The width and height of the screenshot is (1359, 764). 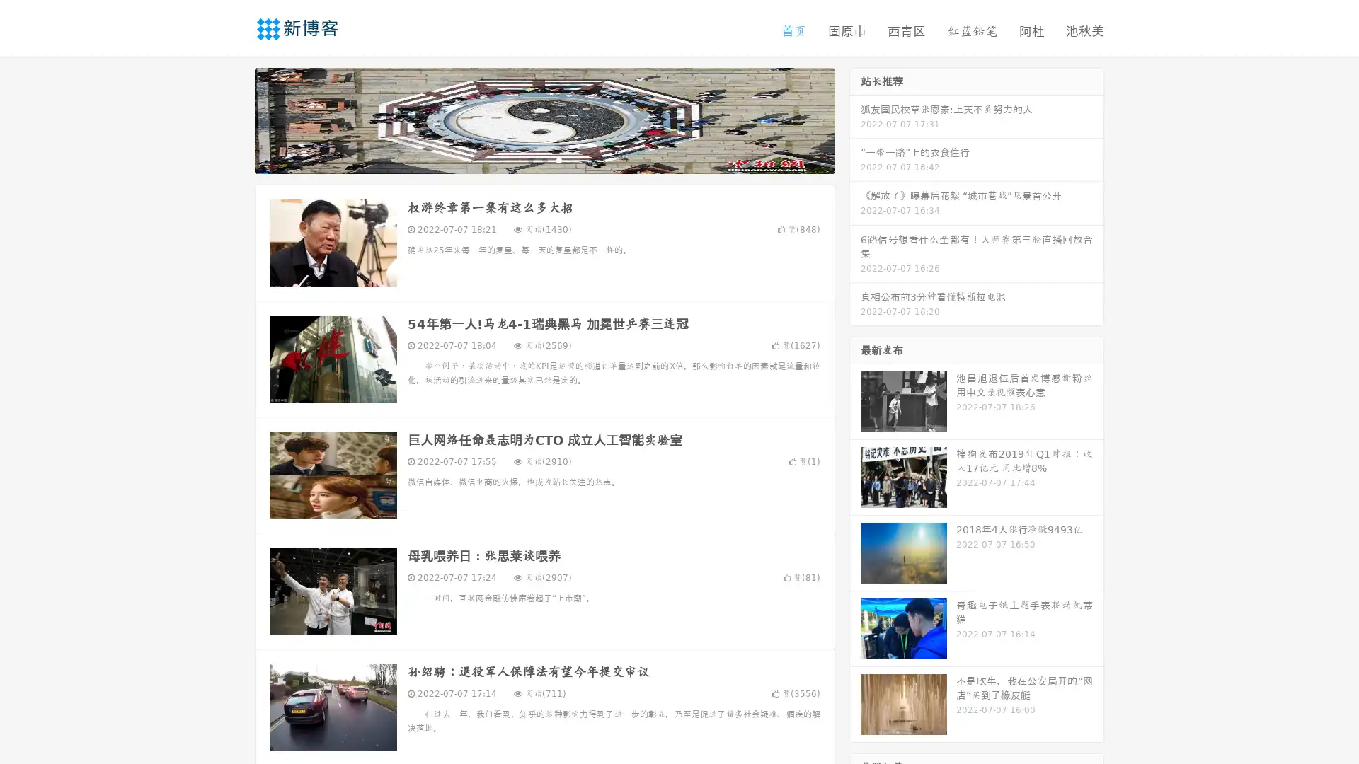 I want to click on Go to slide 2, so click(x=544, y=159).